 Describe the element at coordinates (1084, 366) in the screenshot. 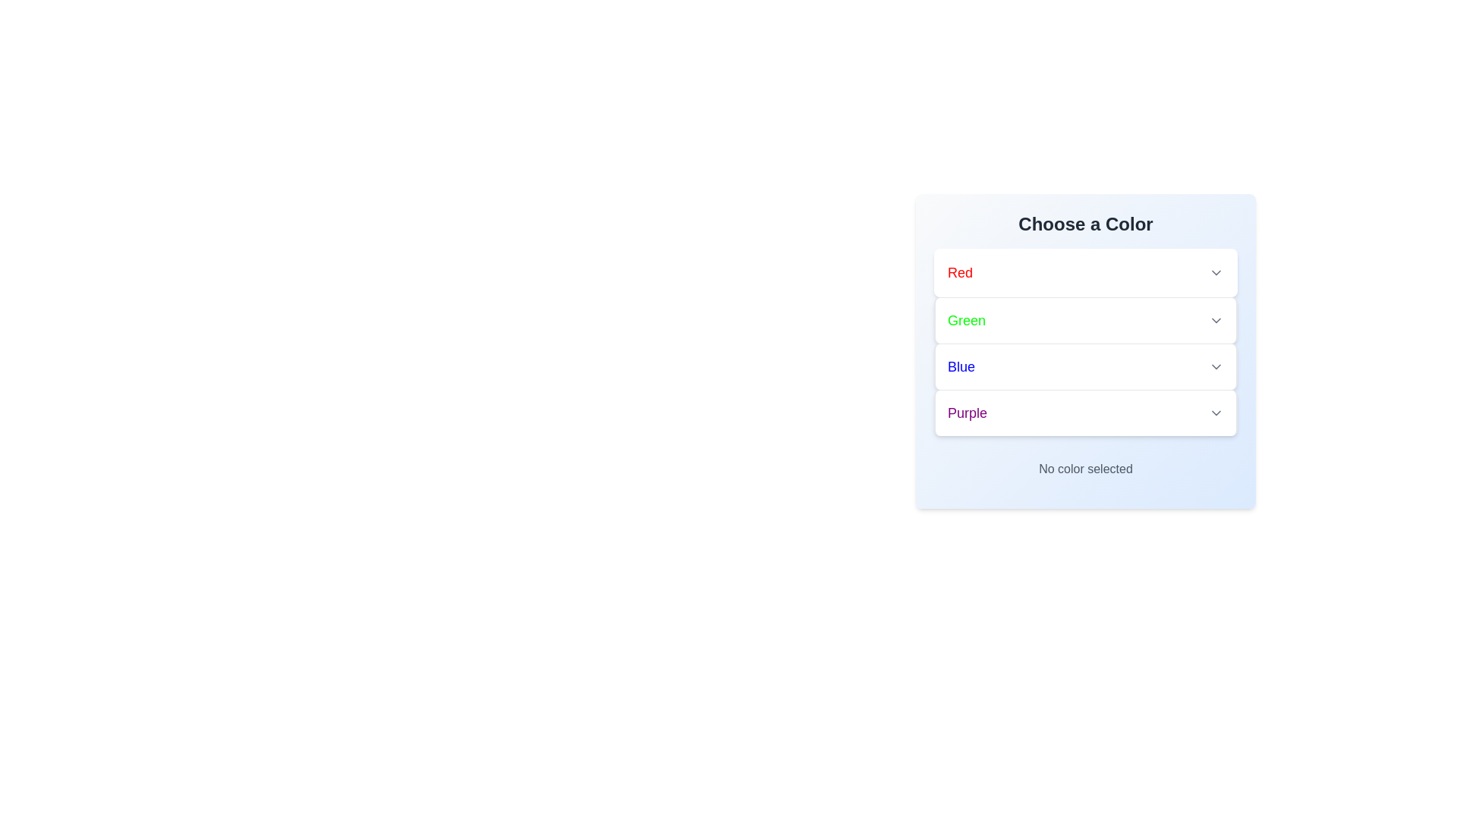

I see `the color item Blue to observe the hover effect` at that location.